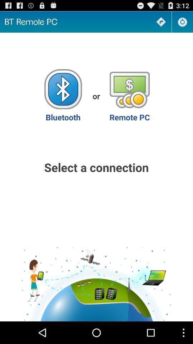  Describe the element at coordinates (63, 95) in the screenshot. I see `bluetooth` at that location.